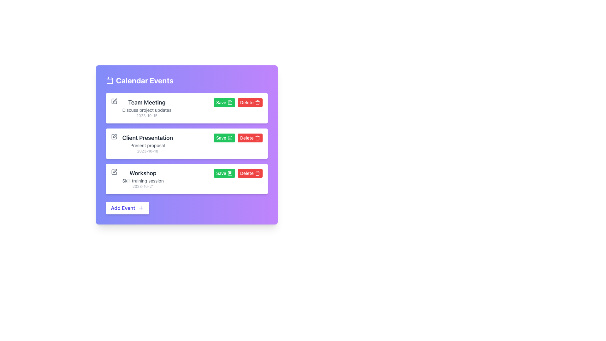 The height and width of the screenshot is (341, 606). Describe the element at coordinates (238, 137) in the screenshot. I see `the 'Delete' button in the grouped button set located on the right side of the 'Client Presentation' entry in the 'Calendar Events' section` at that location.